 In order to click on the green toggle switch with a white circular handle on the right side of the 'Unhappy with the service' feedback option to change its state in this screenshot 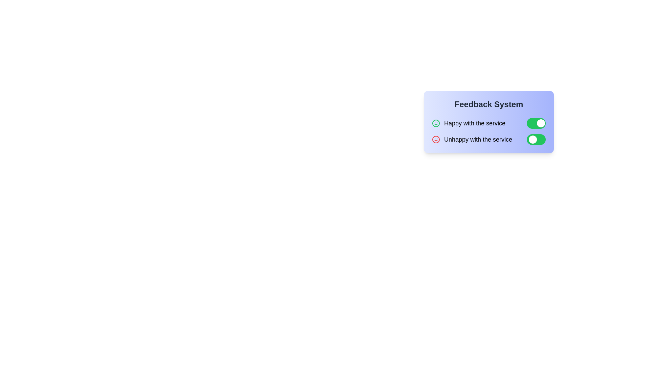, I will do `click(489, 139)`.